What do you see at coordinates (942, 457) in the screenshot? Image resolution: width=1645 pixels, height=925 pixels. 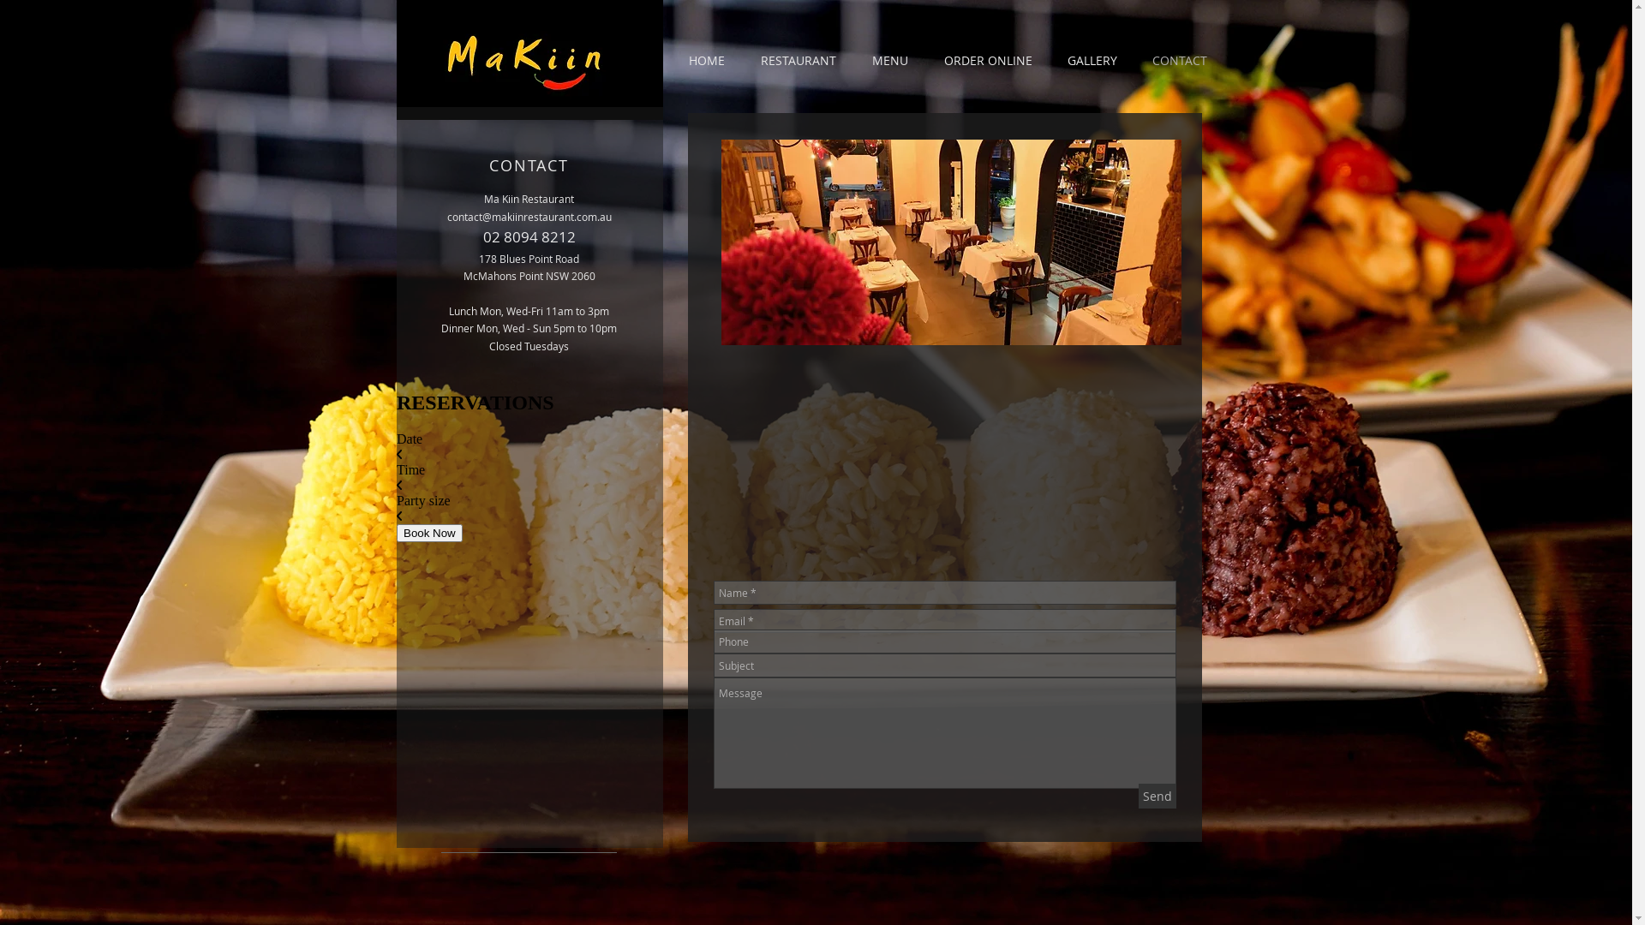 I see `'Google Maps'` at bounding box center [942, 457].